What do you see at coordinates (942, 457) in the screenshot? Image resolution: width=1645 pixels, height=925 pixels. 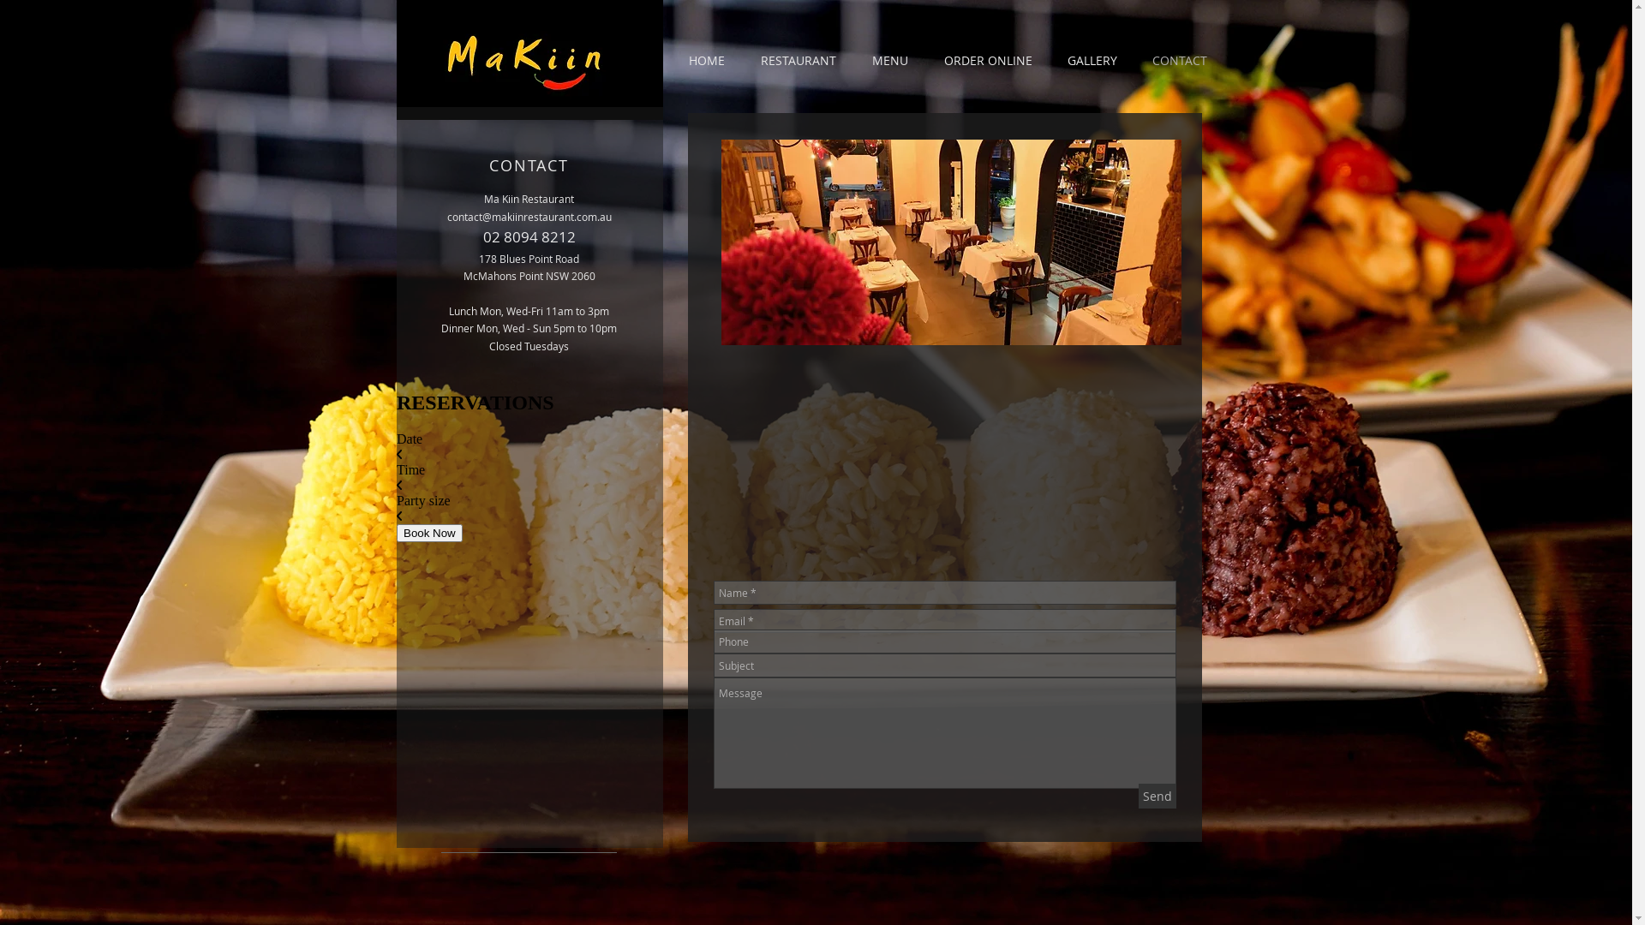 I see `'Google Maps'` at bounding box center [942, 457].